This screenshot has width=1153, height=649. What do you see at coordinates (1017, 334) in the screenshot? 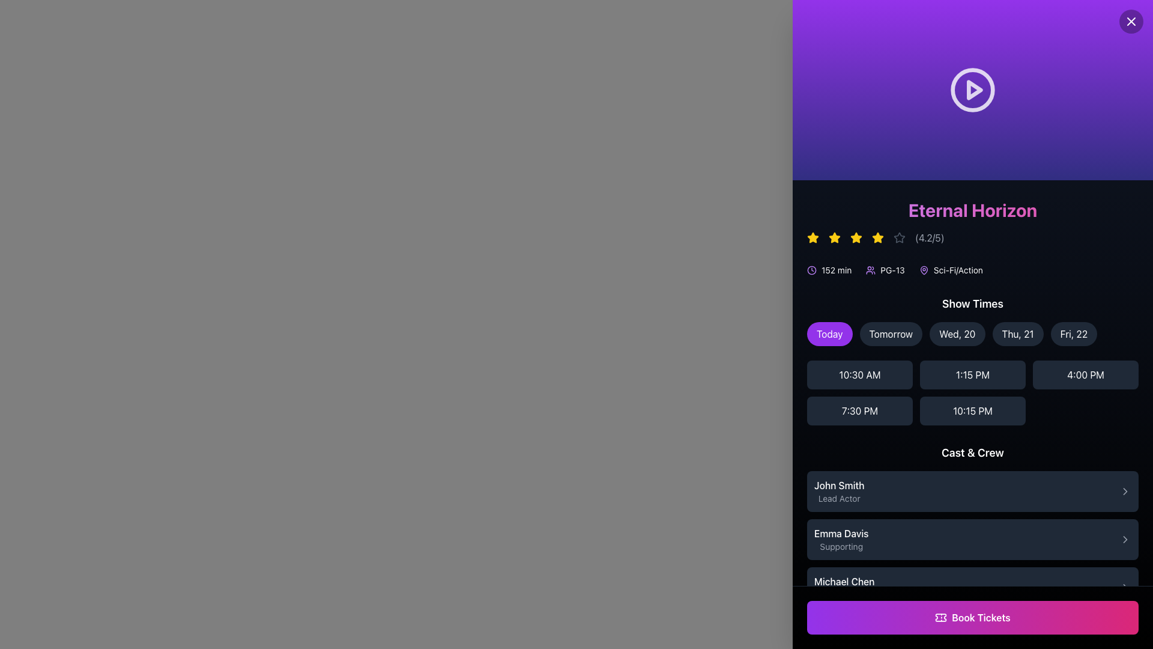
I see `the date selection button labeled 'Thursday, 21st' to filter or display the showtimes for that date` at bounding box center [1017, 334].